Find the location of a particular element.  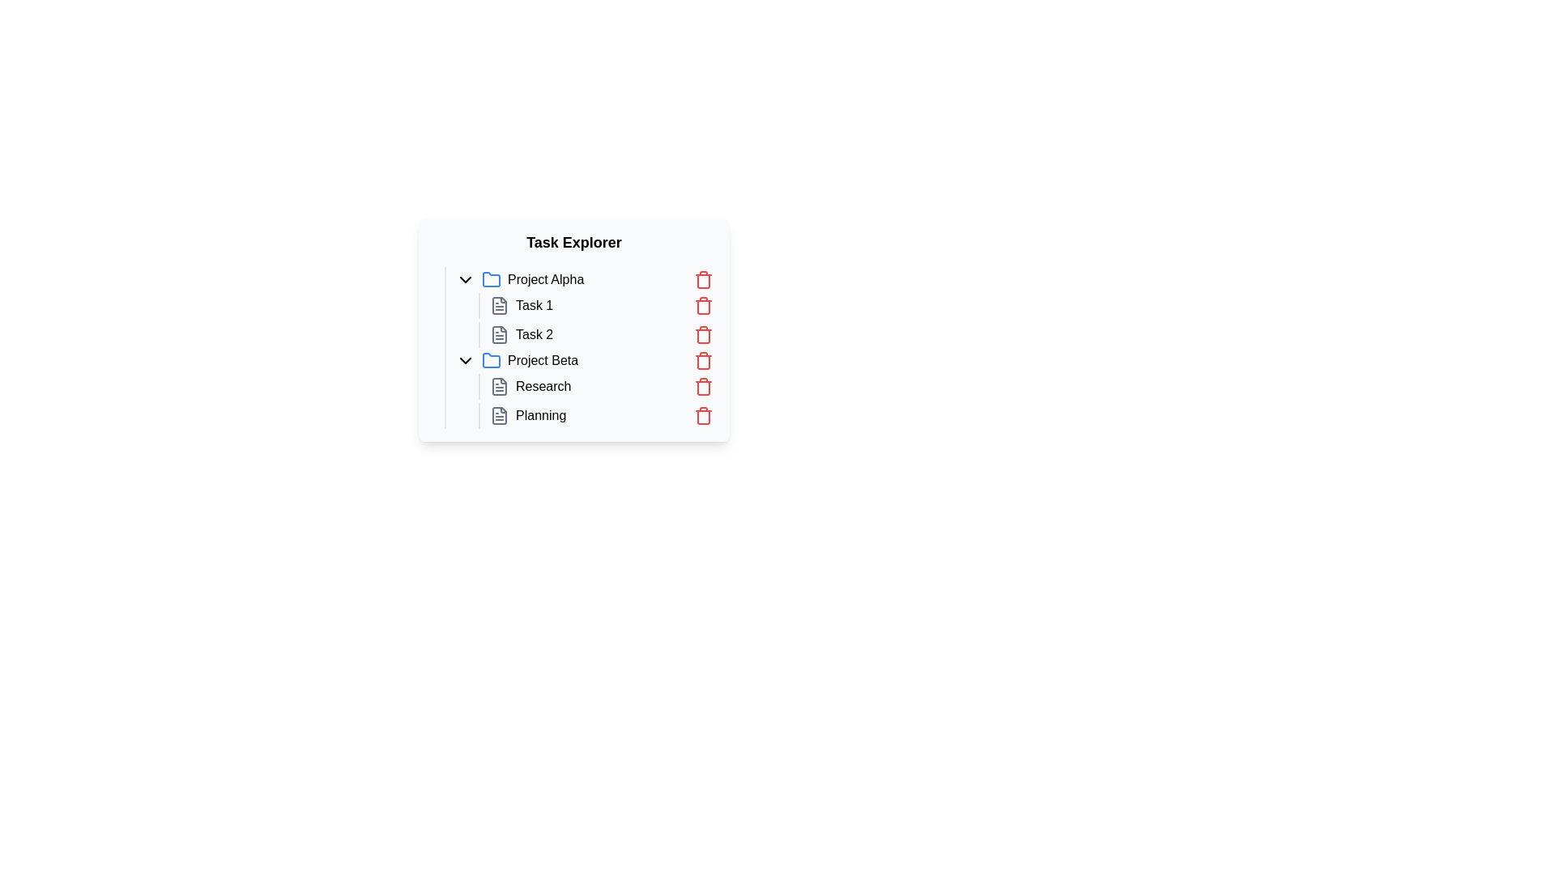

the delete icon button located at the end of the 'Research' row under 'Project Beta' is located at coordinates (703, 387).